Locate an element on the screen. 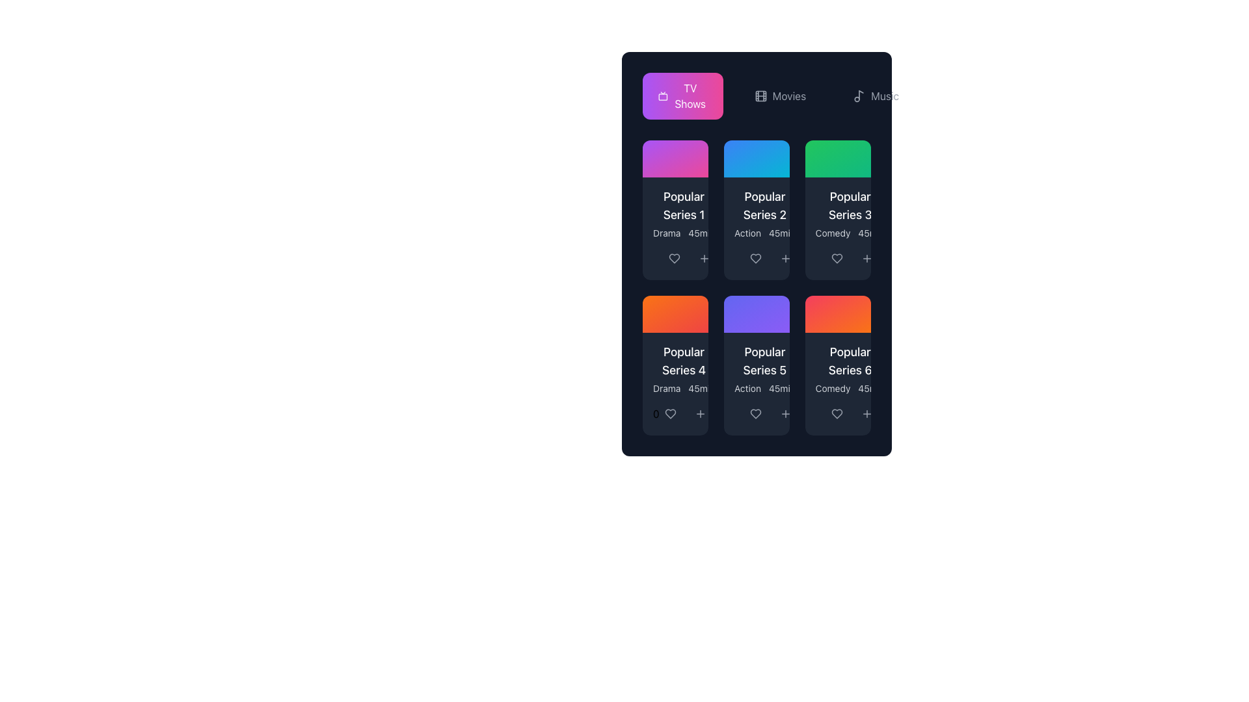  the circular '+' button located within the 'Popular Series 5' card, to the right of the heart icon, to observe the color change indicating interactivity is located at coordinates (785, 413).